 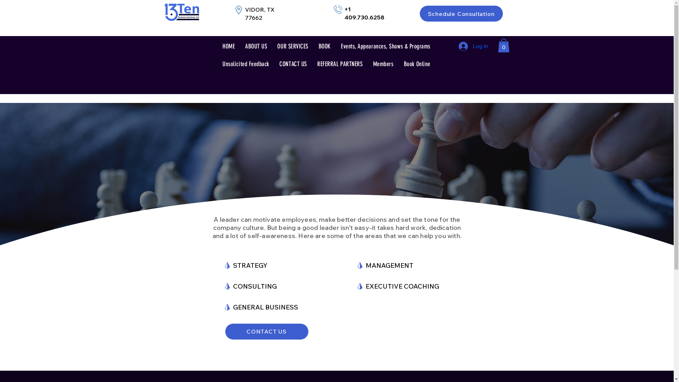 What do you see at coordinates (256, 46) in the screenshot?
I see `'ABOUT US'` at bounding box center [256, 46].